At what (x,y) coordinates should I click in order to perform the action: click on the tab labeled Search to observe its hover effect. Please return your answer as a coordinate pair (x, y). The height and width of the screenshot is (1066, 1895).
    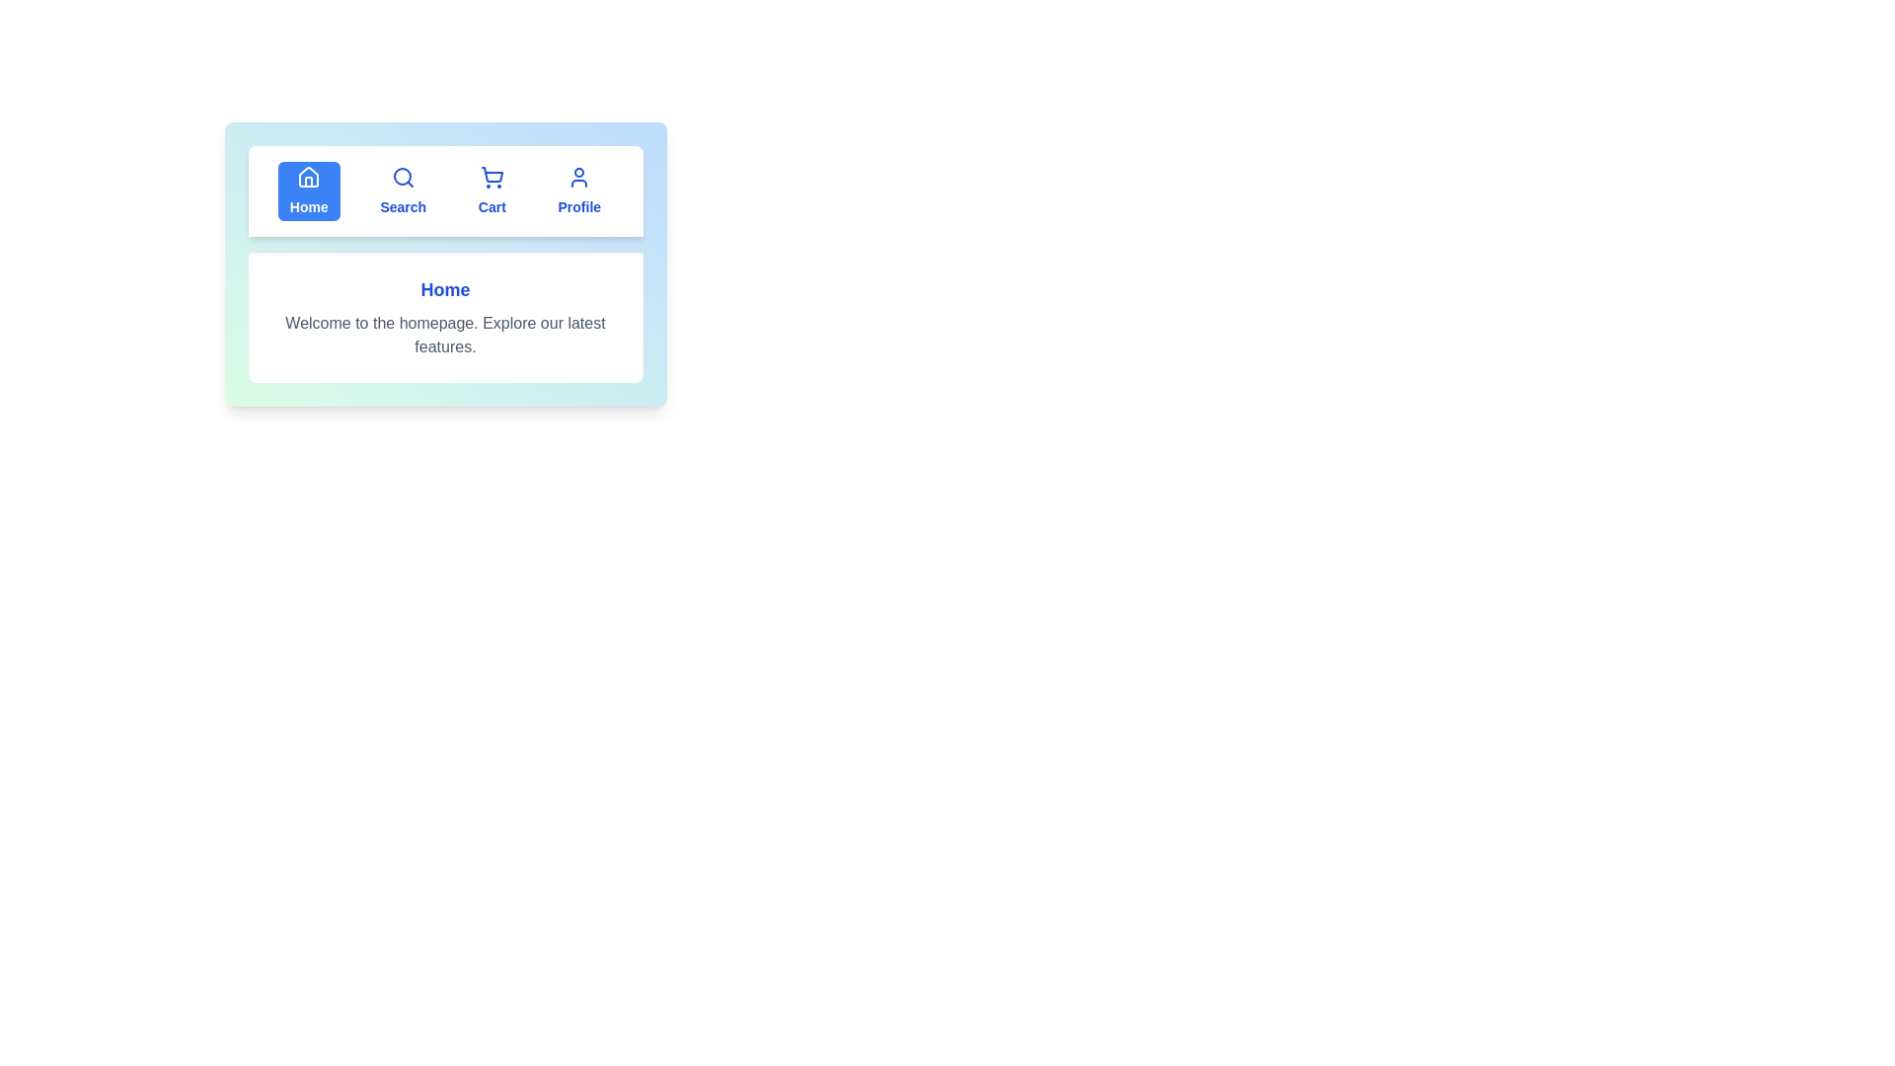
    Looking at the image, I should click on (402, 190).